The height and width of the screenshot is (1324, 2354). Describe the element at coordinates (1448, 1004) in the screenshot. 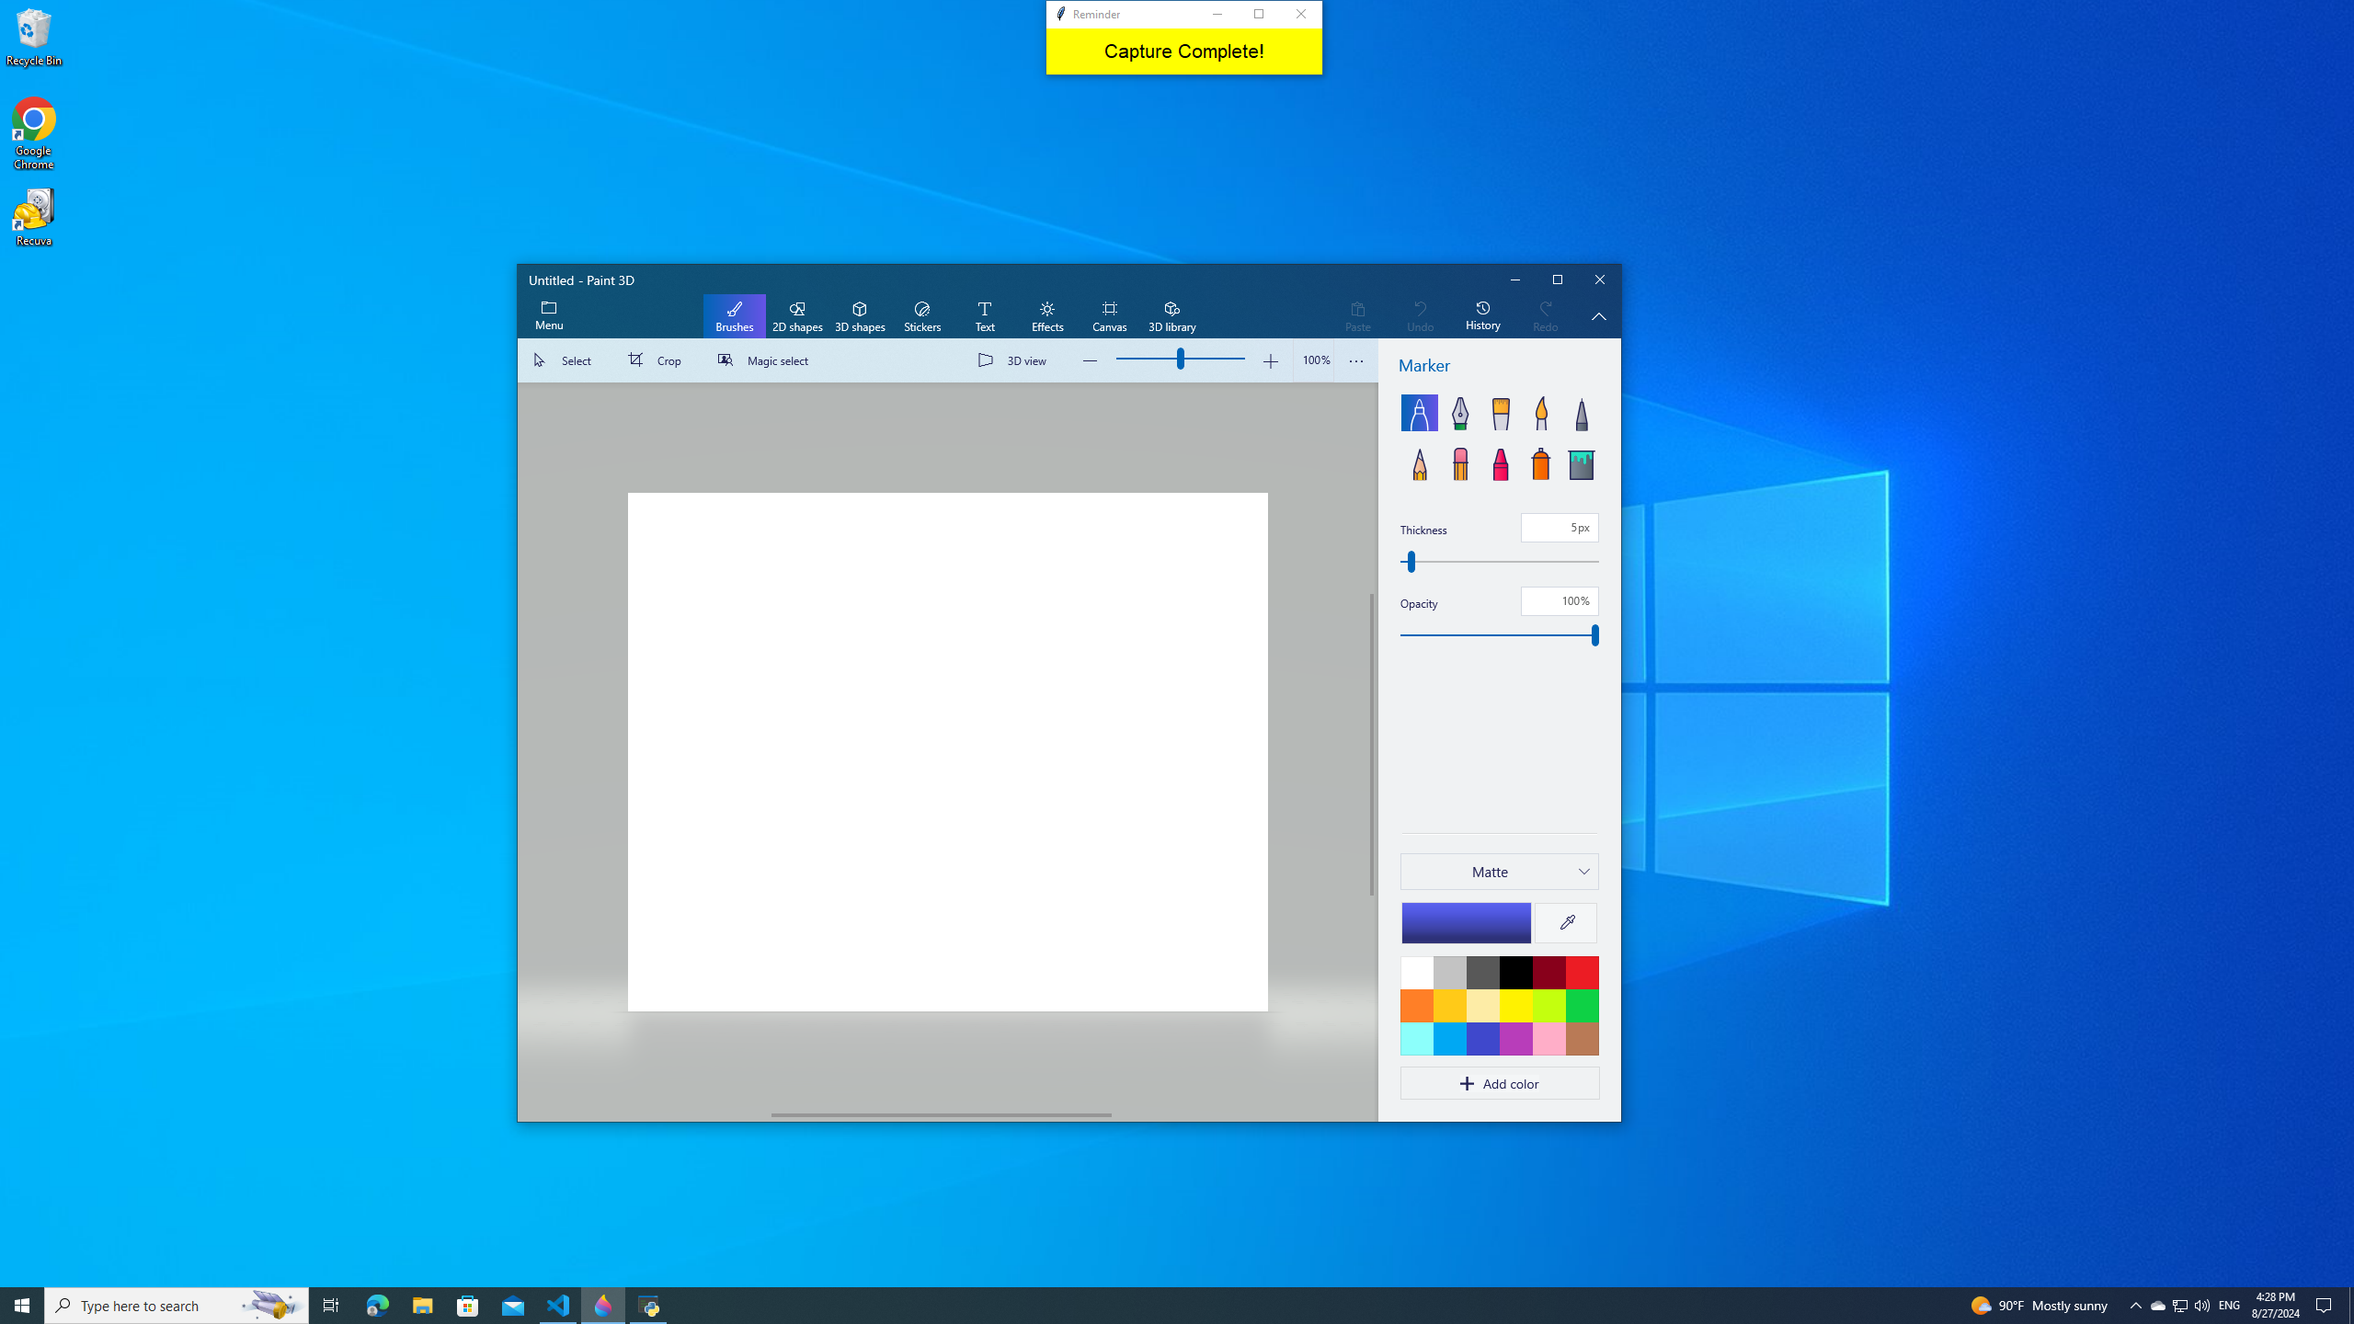

I see `'Gold'` at that location.